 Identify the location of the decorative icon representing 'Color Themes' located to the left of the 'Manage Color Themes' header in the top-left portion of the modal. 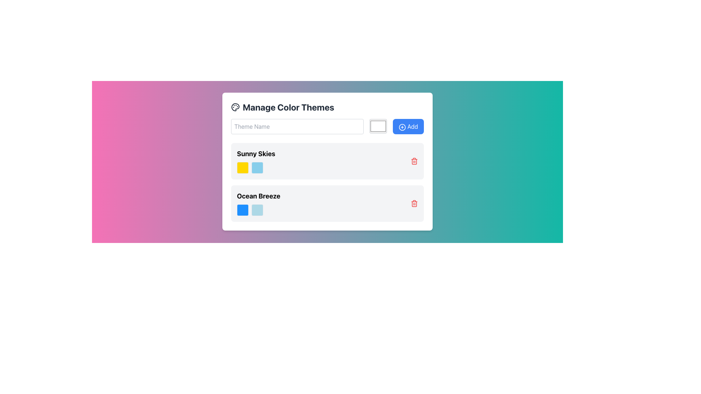
(235, 107).